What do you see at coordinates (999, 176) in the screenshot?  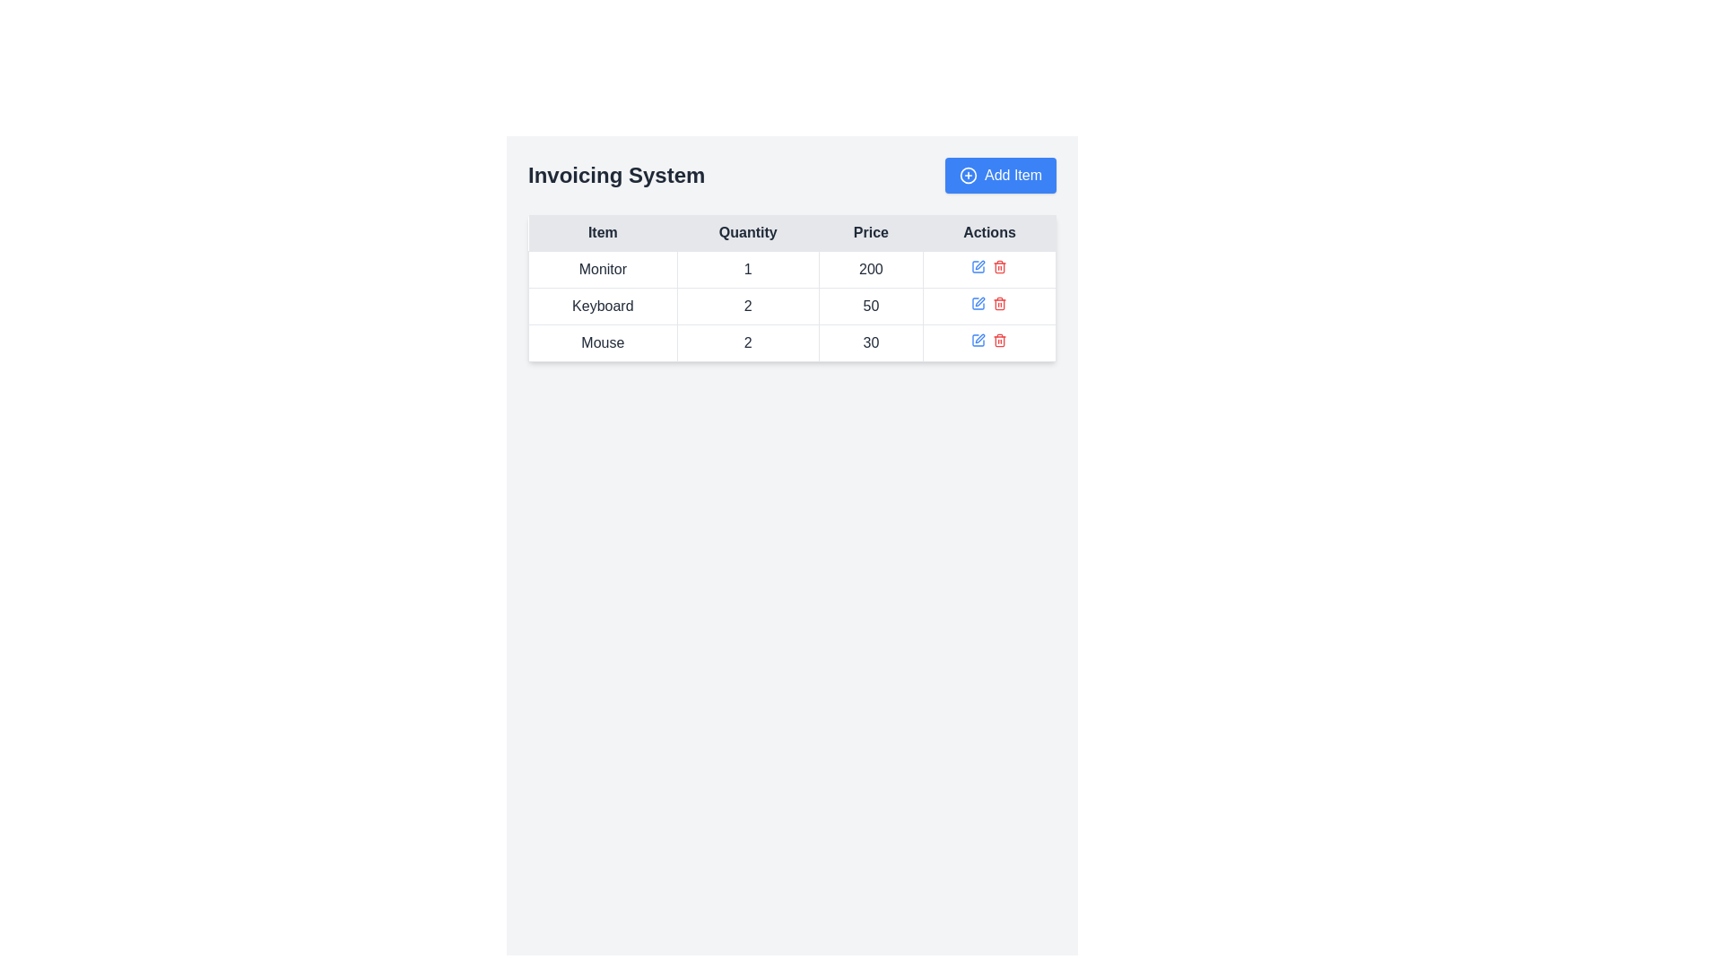 I see `the 'Add Item' button with a blue background and white text in the top-right corner of the 'Invoicing System' interface` at bounding box center [999, 176].